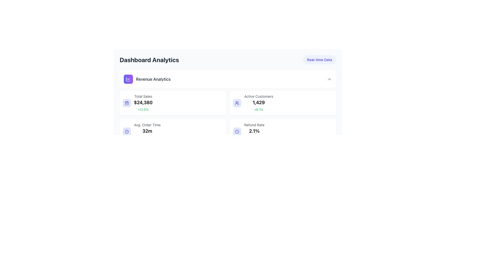 Image resolution: width=490 pixels, height=275 pixels. Describe the element at coordinates (237, 131) in the screenshot. I see `the circular graphic element that forms a ring at the center of the 'Refund Rate' section in the analytic dashboard` at that location.